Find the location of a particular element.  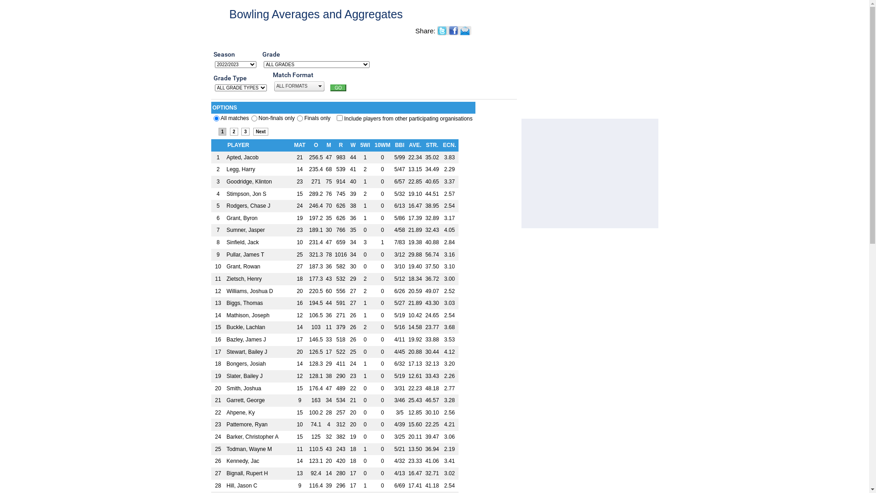

'Tell a friend' is located at coordinates (465, 30).